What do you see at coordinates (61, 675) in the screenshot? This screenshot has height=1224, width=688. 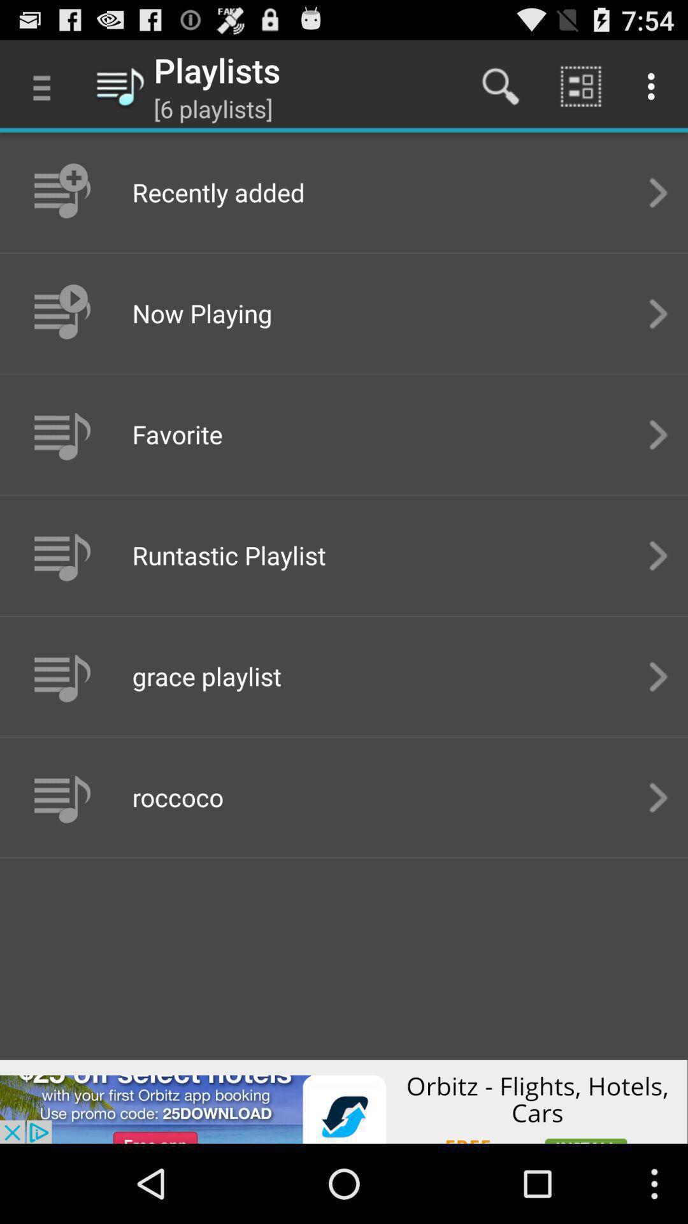 I see `icon on the left side of grace playlist` at bounding box center [61, 675].